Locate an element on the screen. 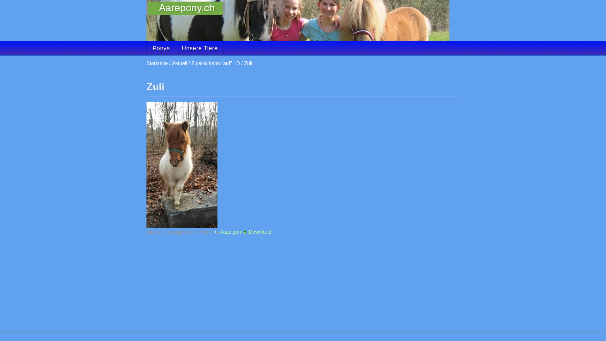 This screenshot has height=341, width=606. 'Ponys' is located at coordinates (161, 48).